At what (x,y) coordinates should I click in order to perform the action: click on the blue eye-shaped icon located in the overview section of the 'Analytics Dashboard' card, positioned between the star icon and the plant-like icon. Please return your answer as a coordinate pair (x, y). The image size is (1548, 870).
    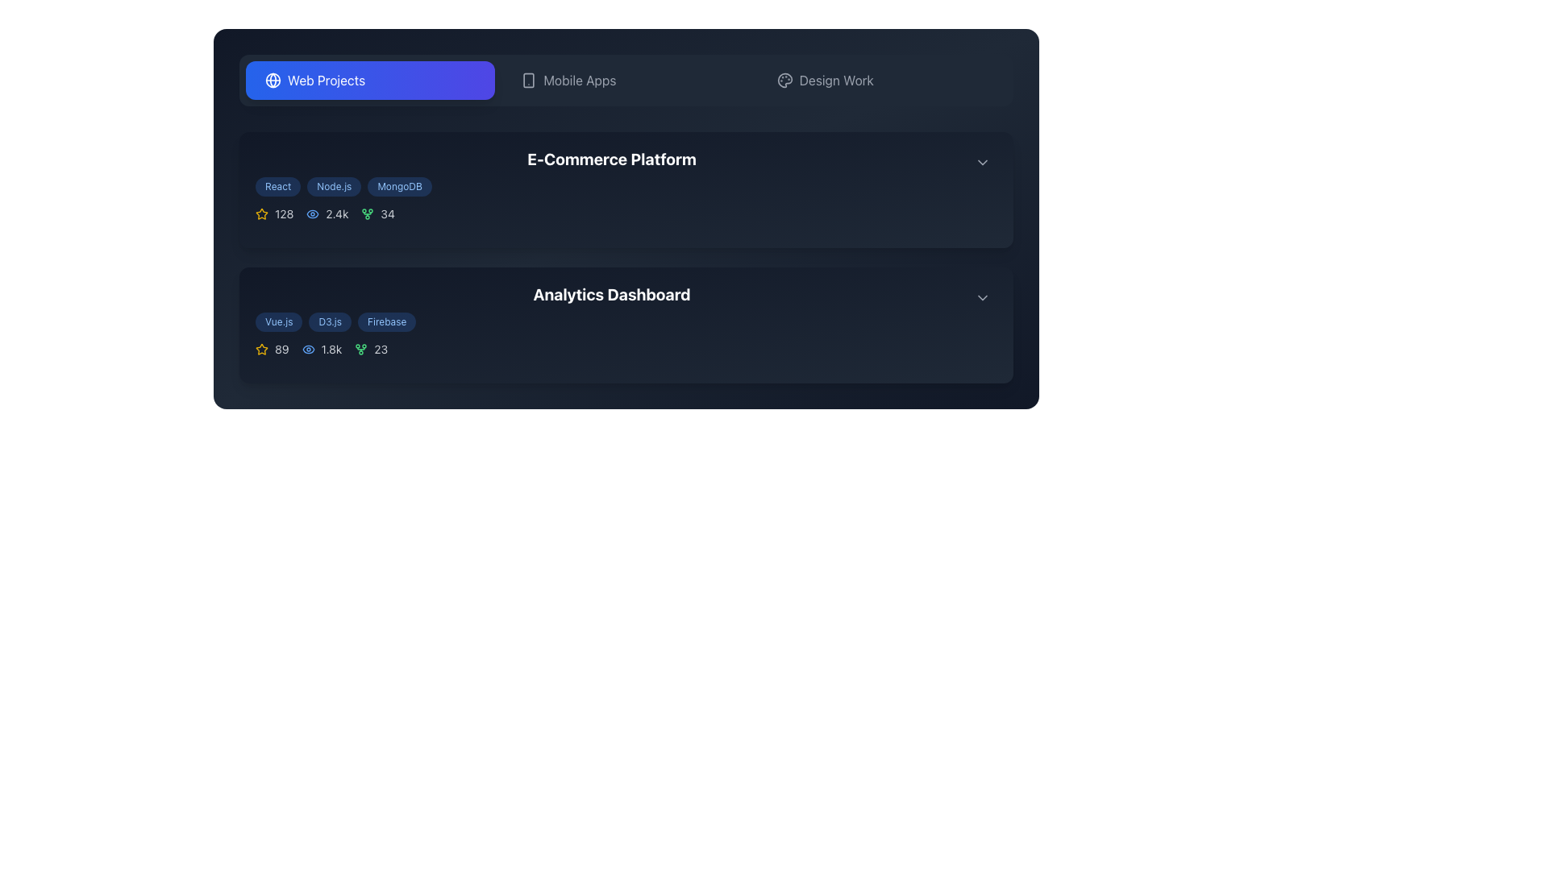
    Looking at the image, I should click on (308, 349).